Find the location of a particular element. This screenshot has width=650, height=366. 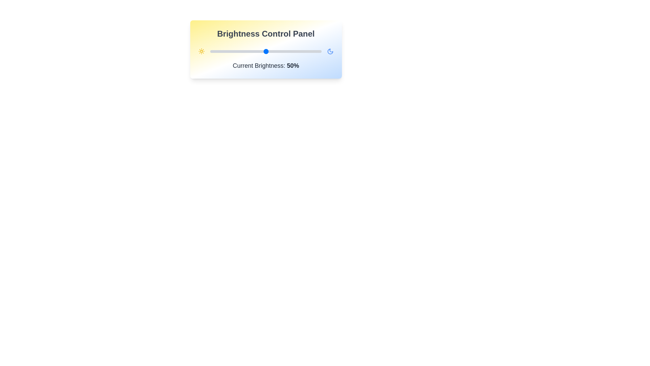

the brightness level is located at coordinates (305, 51).